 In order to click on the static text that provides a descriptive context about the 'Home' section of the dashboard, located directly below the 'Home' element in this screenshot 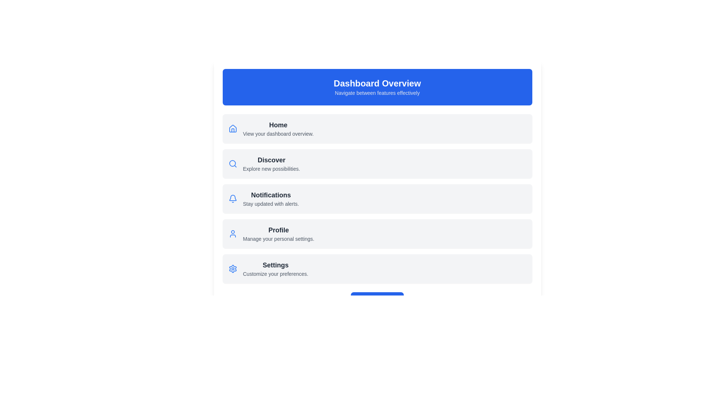, I will do `click(278, 134)`.